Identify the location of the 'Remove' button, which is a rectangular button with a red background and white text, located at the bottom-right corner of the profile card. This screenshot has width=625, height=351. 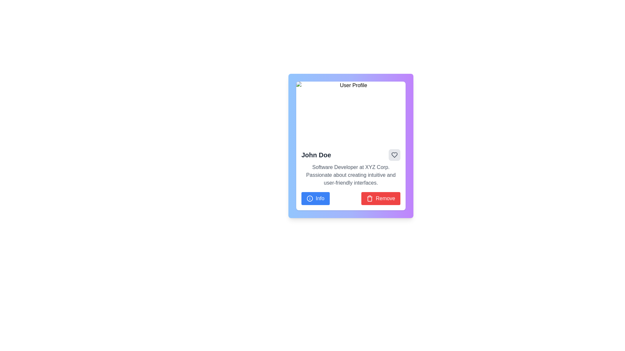
(381, 198).